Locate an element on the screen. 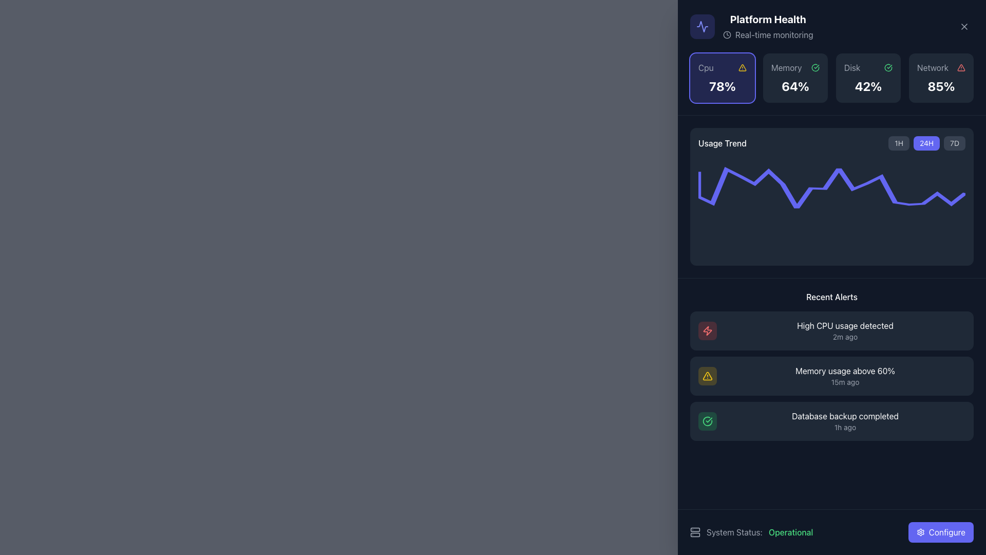  the alert icon next to the 'Memory usage above 60%' text in the Recent Alerts list to interact or navigate to related information is located at coordinates (707, 376).